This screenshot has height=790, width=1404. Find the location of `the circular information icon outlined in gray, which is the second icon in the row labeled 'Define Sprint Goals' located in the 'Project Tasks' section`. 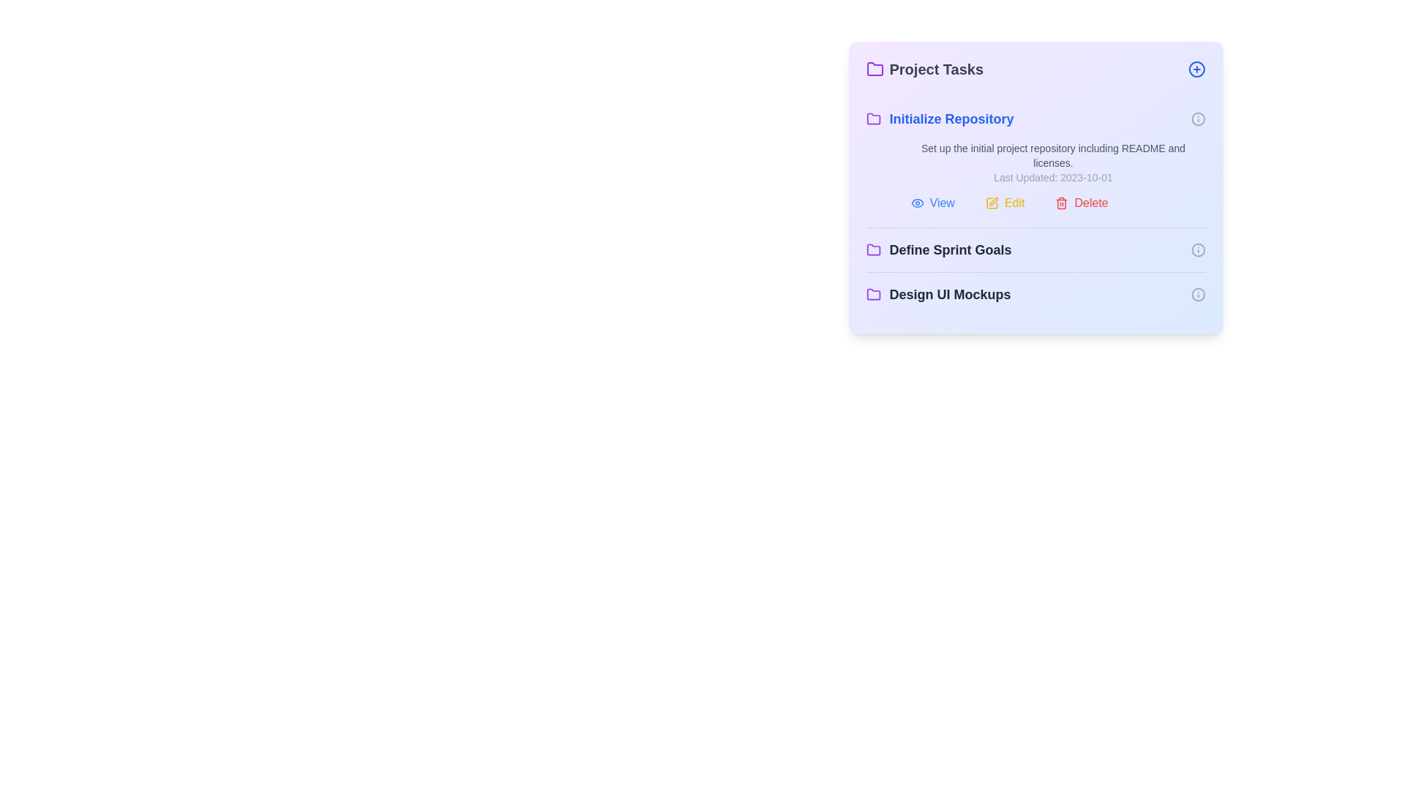

the circular information icon outlined in gray, which is the second icon in the row labeled 'Define Sprint Goals' located in the 'Project Tasks' section is located at coordinates (1198, 249).